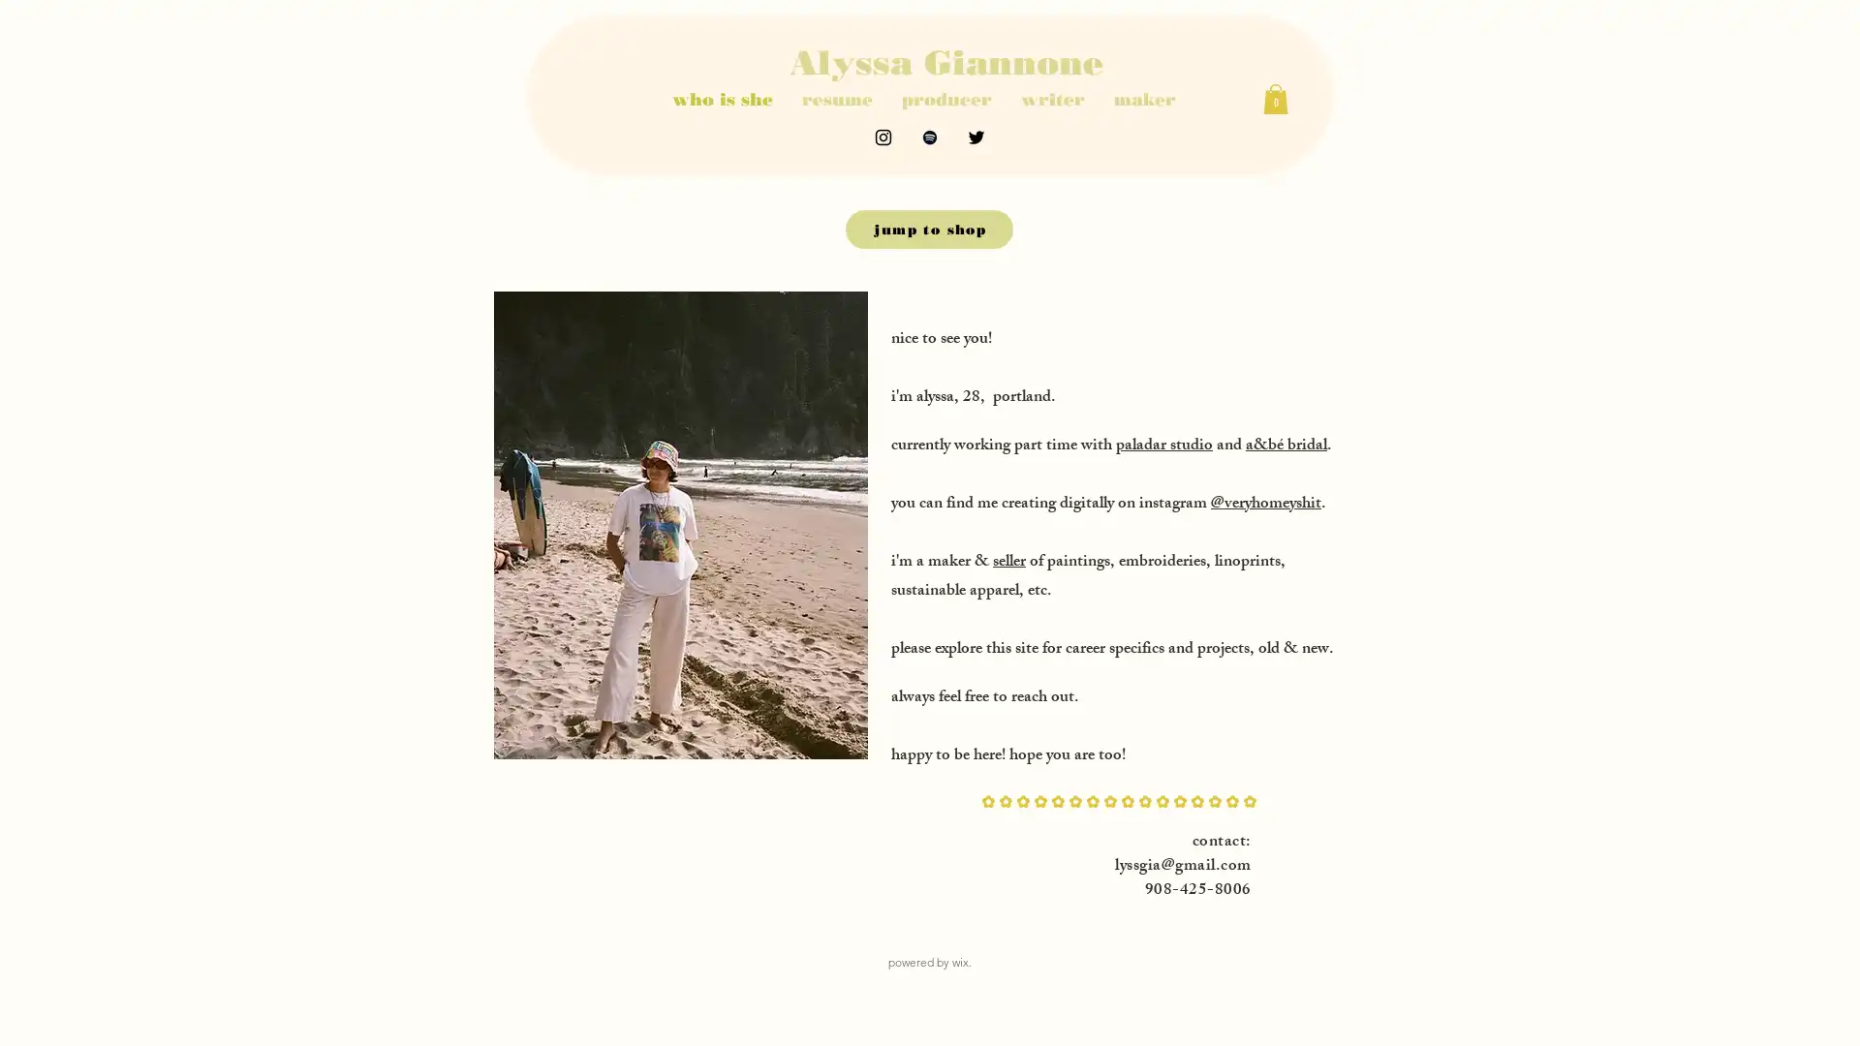 The width and height of the screenshot is (1860, 1046). I want to click on Cart with 0 items, so click(1275, 99).